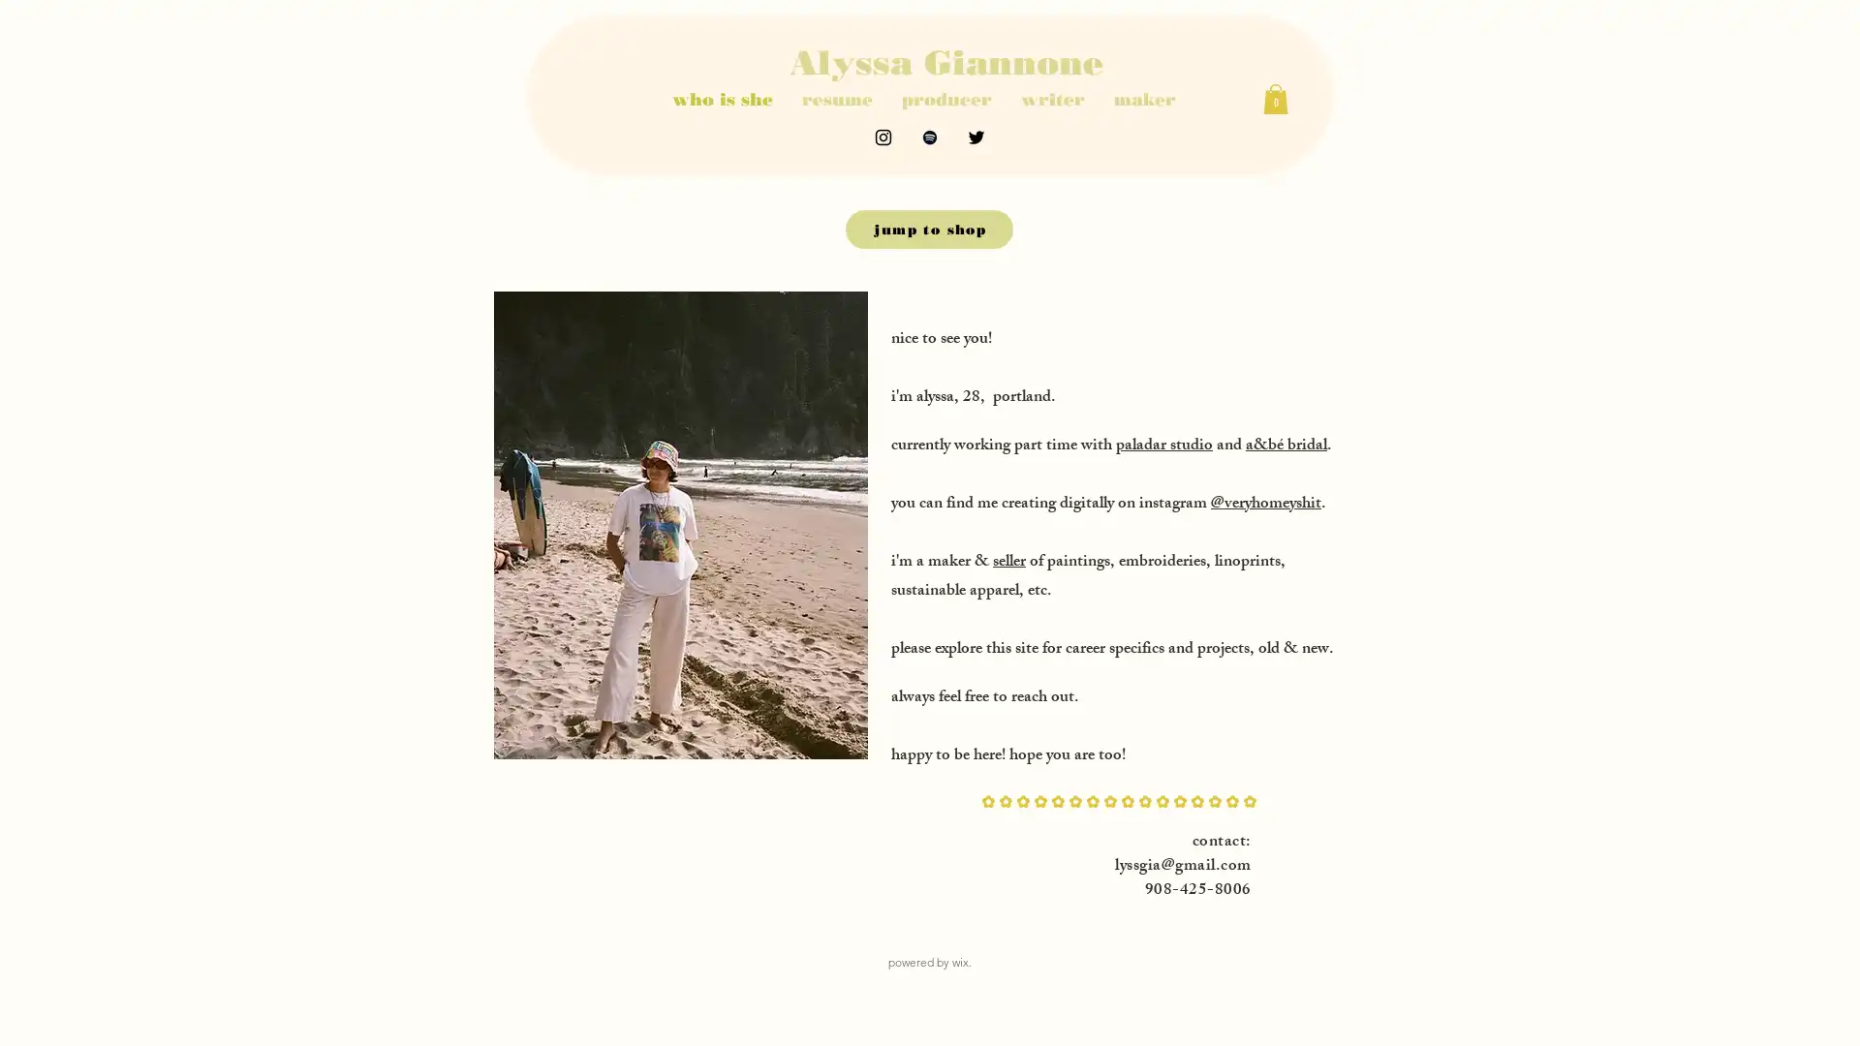 The width and height of the screenshot is (1860, 1046). I want to click on Cart with 0 items, so click(1275, 99).